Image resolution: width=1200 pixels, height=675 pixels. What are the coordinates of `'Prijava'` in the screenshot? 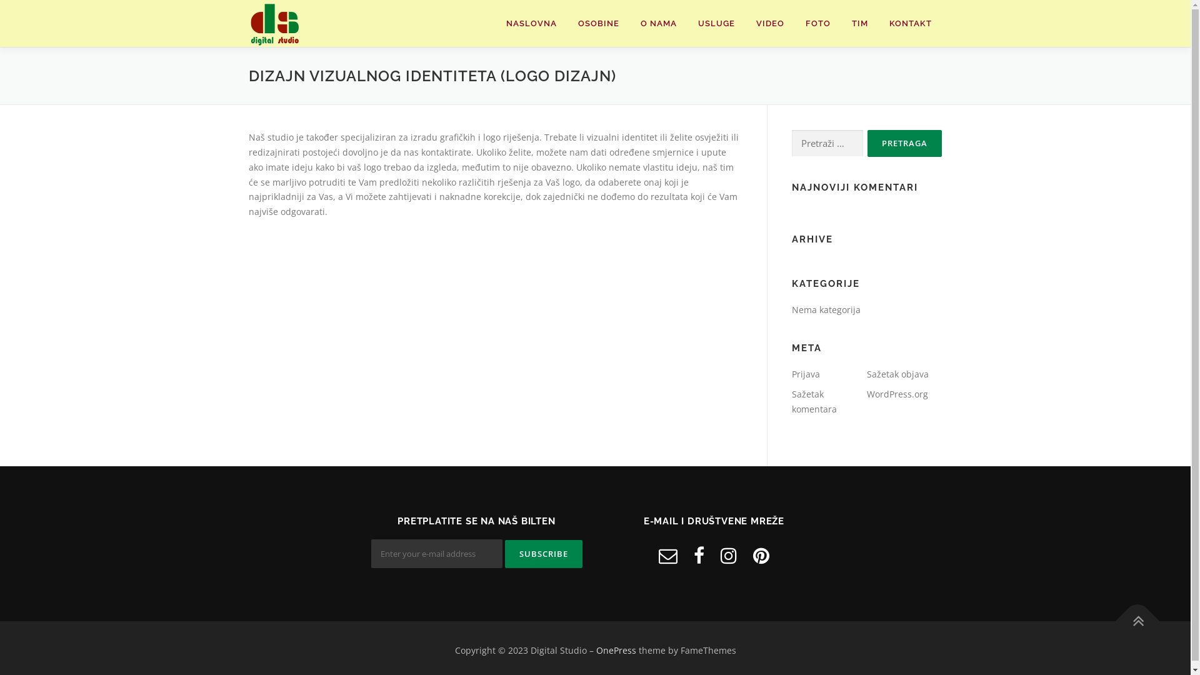 It's located at (805, 373).